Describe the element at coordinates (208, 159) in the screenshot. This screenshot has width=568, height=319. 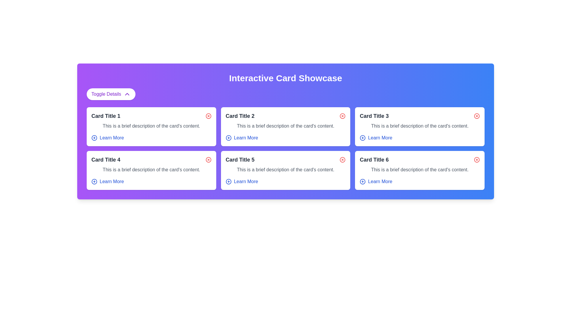
I see `the circle part of the close icon in the top-right corner of 'Card Title 4'` at that location.